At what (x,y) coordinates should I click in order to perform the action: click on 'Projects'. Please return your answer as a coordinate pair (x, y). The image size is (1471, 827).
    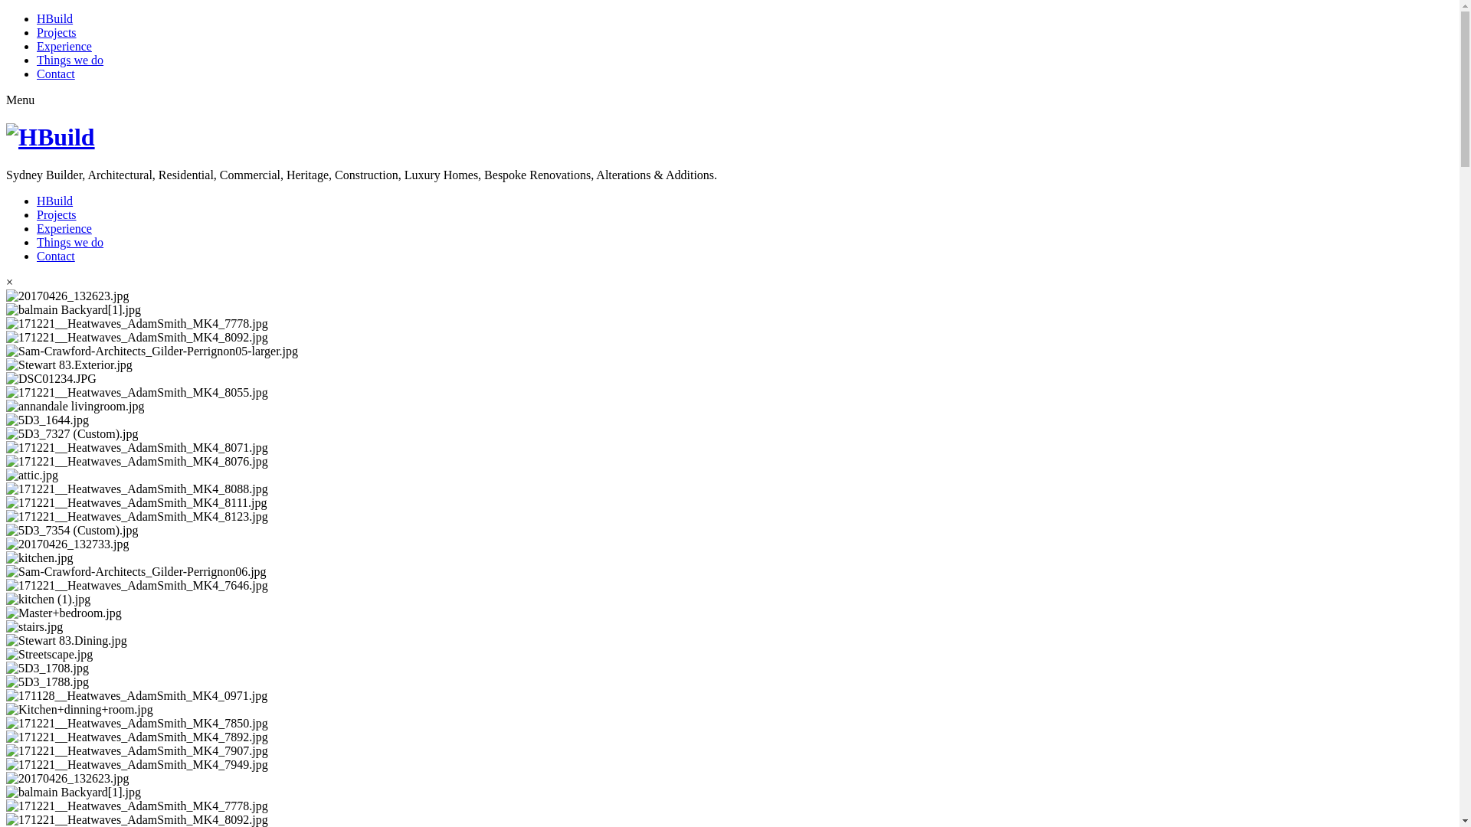
    Looking at the image, I should click on (37, 214).